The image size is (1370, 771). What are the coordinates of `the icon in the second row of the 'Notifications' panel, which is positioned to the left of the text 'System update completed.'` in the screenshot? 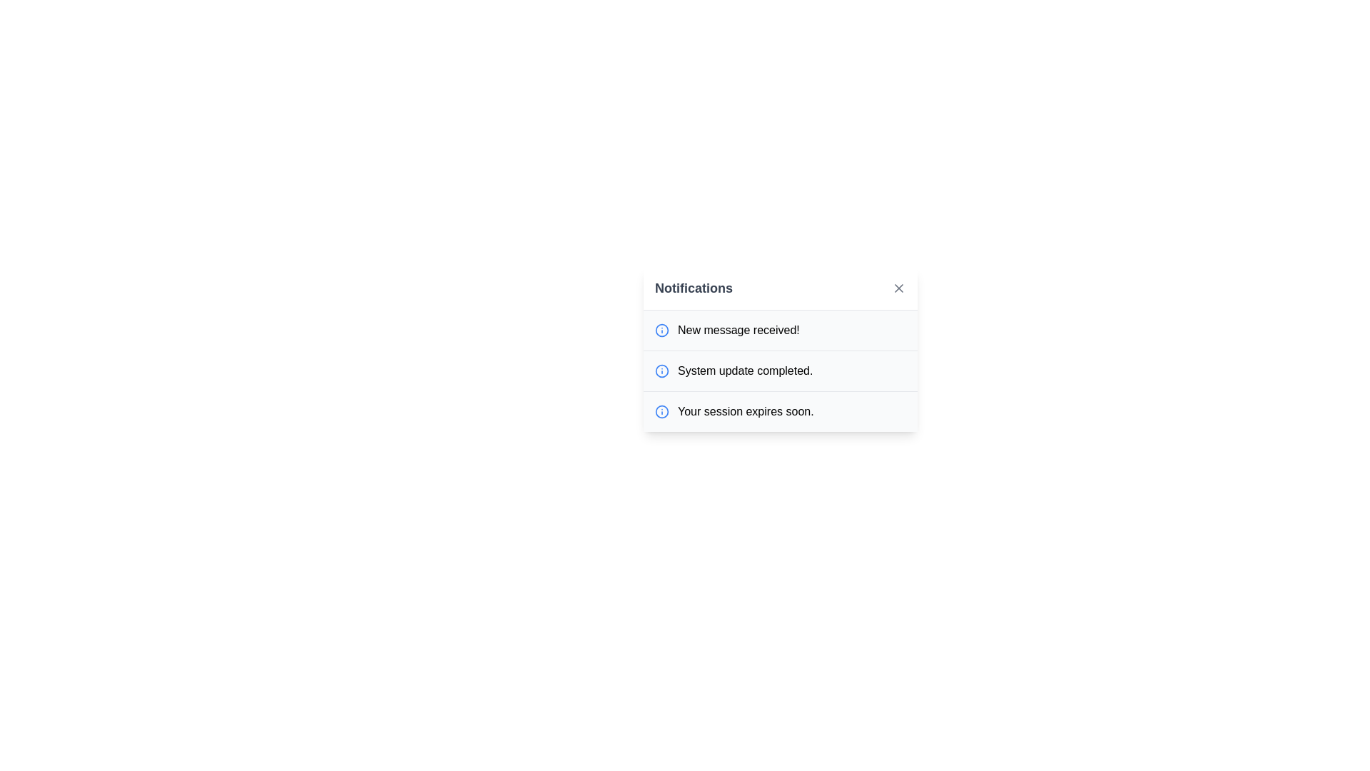 It's located at (661, 371).